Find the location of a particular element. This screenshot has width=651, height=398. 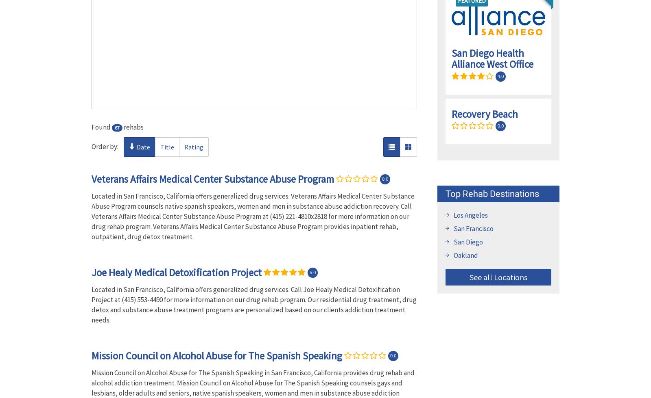

'Rating' is located at coordinates (193, 147).